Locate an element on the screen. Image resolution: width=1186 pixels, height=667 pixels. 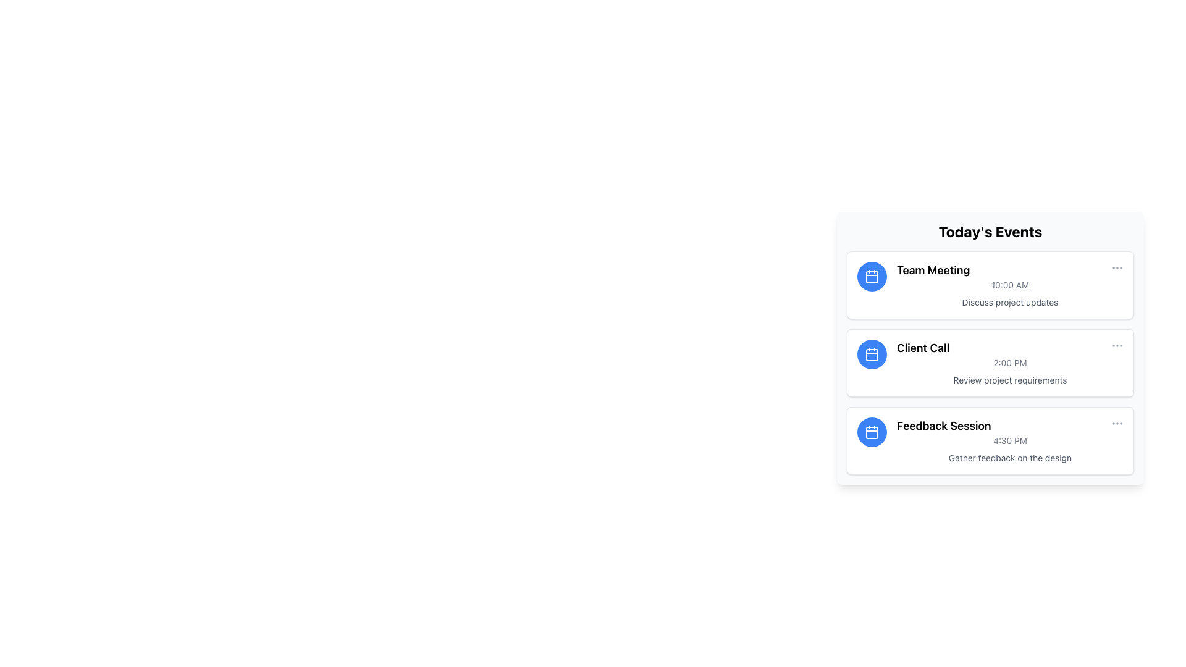
the circular icon with a blue background and a white calendar symbol, located on the left side of the 'Feedback Session' event card in the 'Today’s Events' list is located at coordinates (871, 431).